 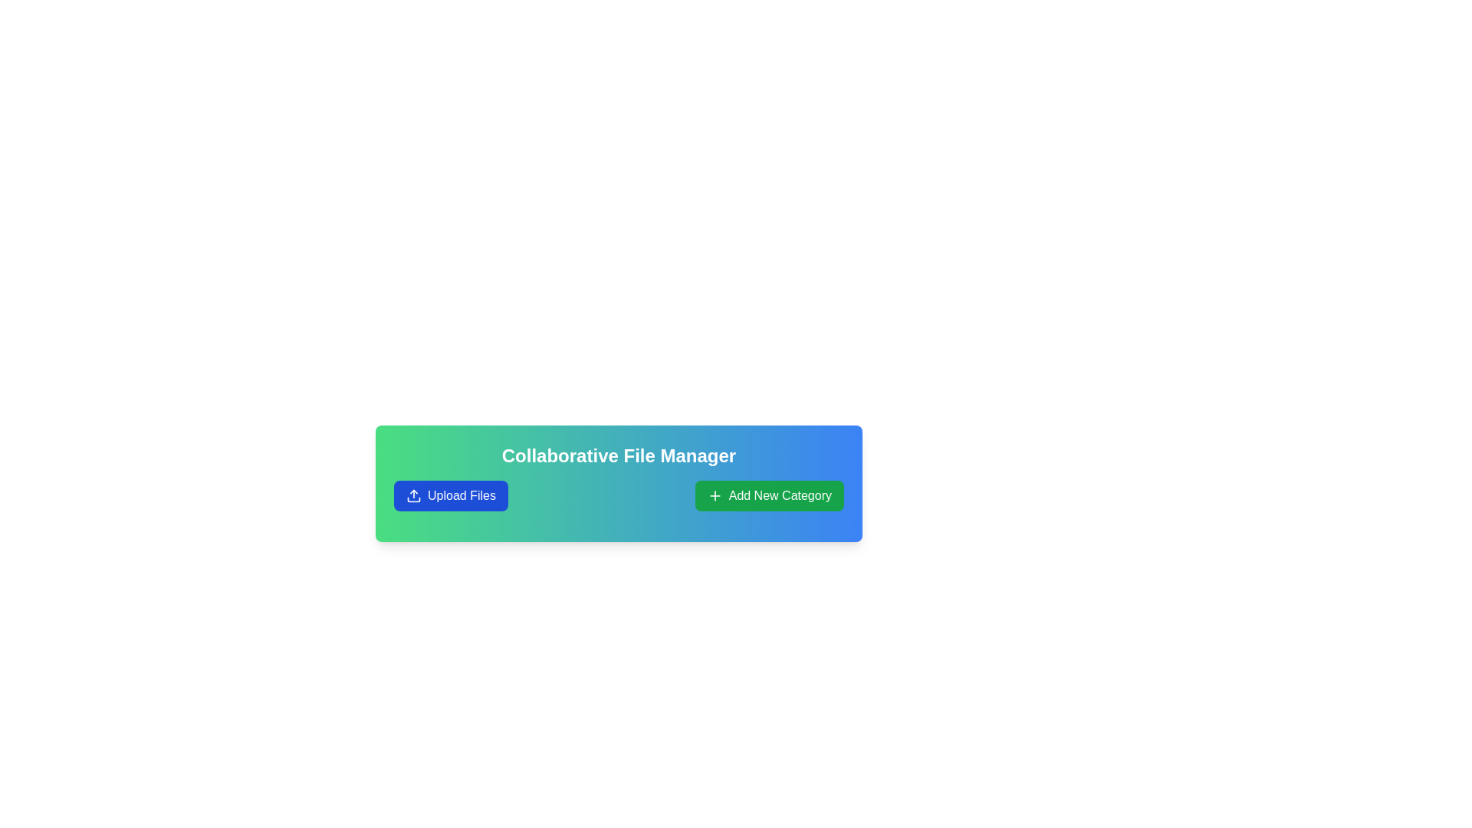 What do you see at coordinates (619, 455) in the screenshot?
I see `the static text header or label that serves as the title for the file management card, positioned at the upper section above interactive elements like 'Upload Files' and 'Add New Category'` at bounding box center [619, 455].